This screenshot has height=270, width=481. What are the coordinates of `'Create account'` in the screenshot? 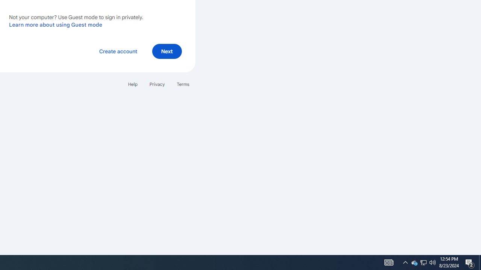 It's located at (118, 51).